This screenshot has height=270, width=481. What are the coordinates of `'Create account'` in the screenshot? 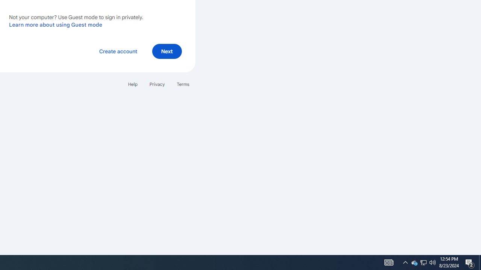 It's located at (118, 51).